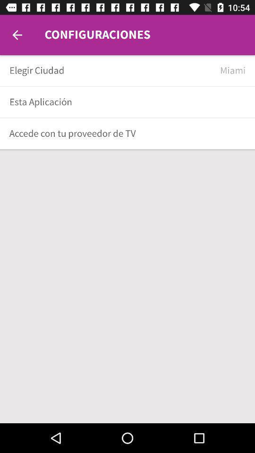 The width and height of the screenshot is (255, 453). I want to click on the item above the elegir ciudad icon, so click(17, 35).